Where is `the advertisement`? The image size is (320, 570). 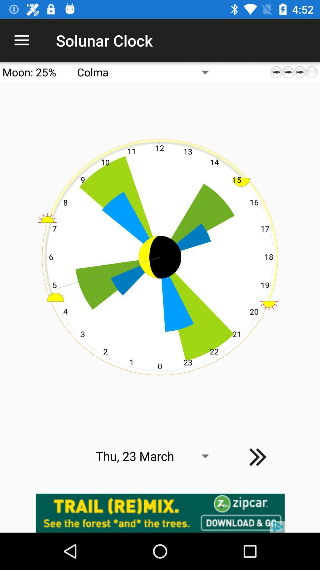 the advertisement is located at coordinates (160, 513).